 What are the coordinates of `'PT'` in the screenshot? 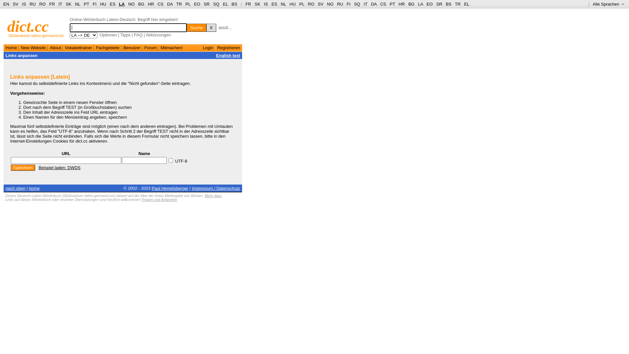 It's located at (86, 4).